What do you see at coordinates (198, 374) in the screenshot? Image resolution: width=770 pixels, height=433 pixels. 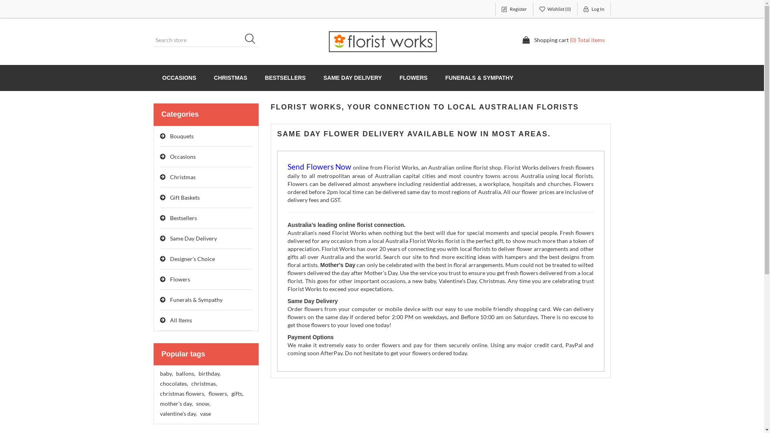 I see `'birthday,'` at bounding box center [198, 374].